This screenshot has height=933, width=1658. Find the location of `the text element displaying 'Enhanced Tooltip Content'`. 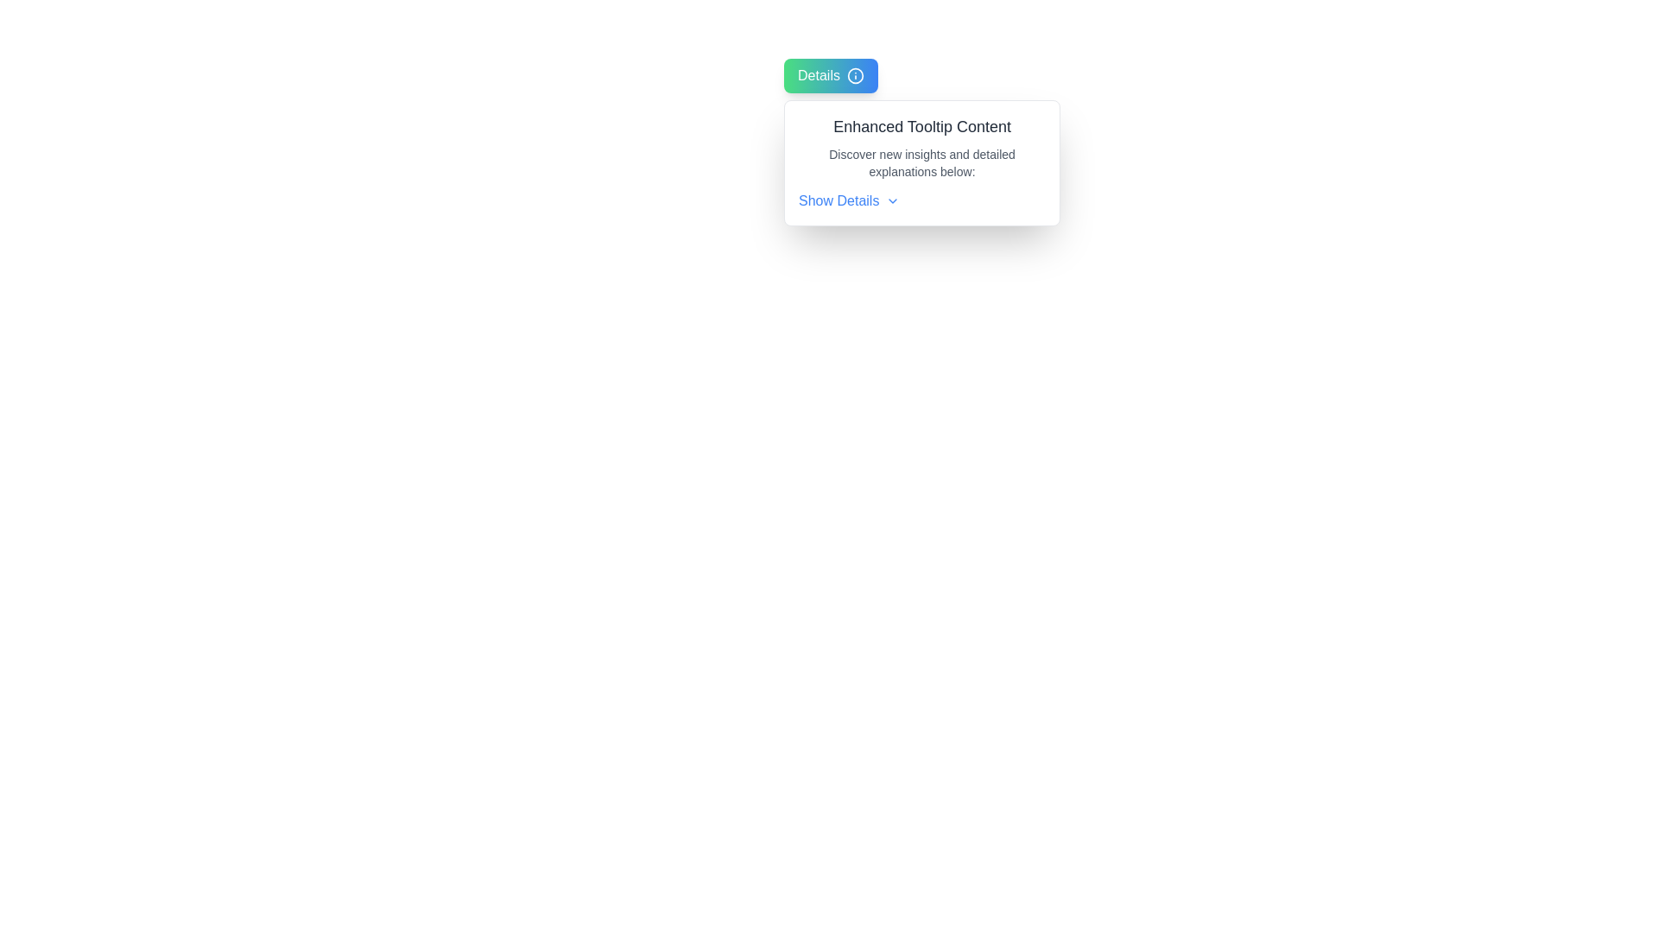

the text element displaying 'Enhanced Tooltip Content' is located at coordinates (921, 125).